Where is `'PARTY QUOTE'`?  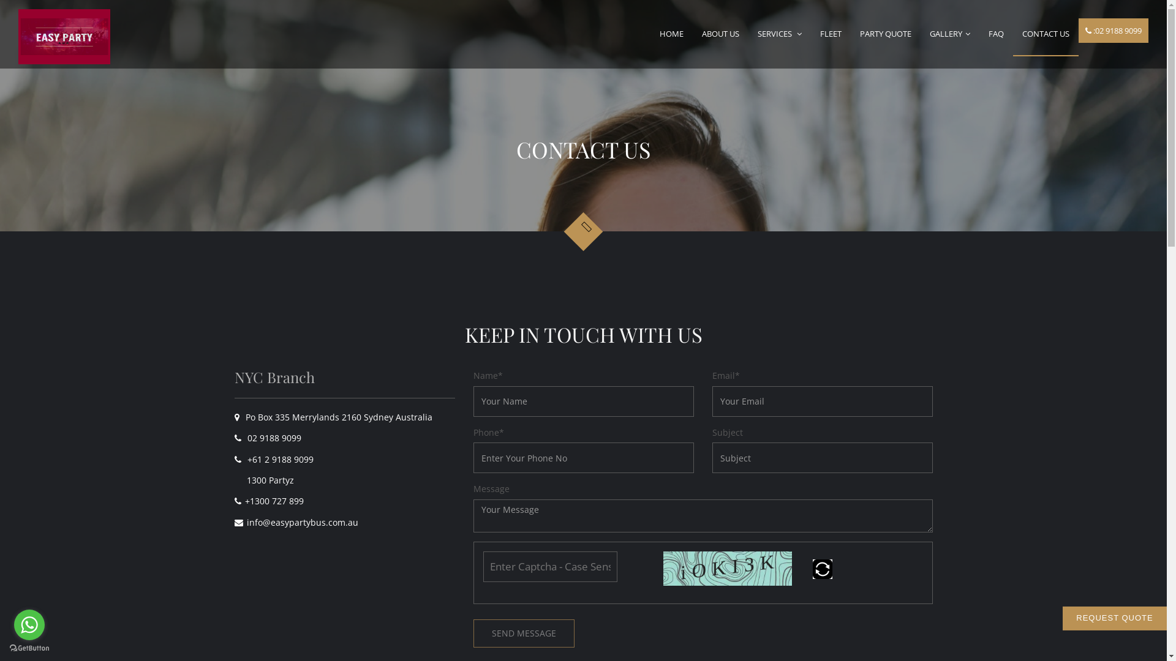
'PARTY QUOTE' is located at coordinates (850, 32).